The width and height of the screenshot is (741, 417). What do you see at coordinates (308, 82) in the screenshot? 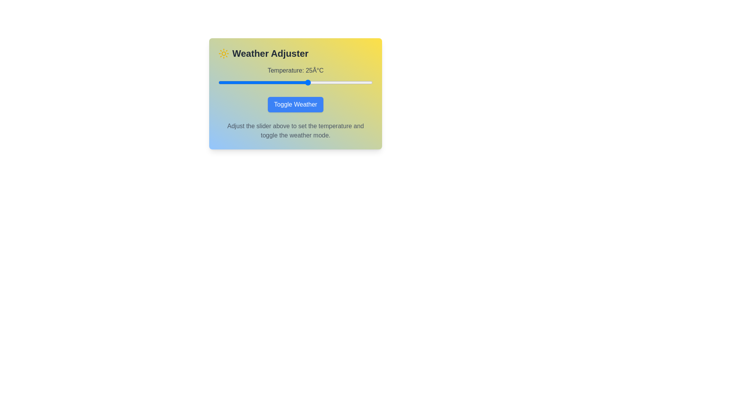
I see `the temperature slider to set the temperature to 25°C` at bounding box center [308, 82].